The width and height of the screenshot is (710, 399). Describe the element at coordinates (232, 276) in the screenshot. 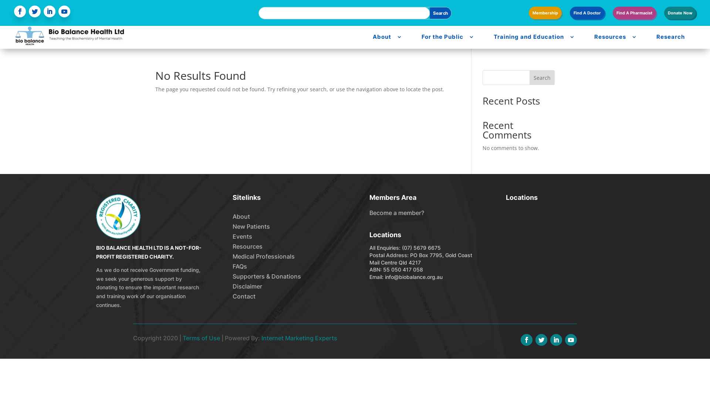

I see `'Supporters & Donations'` at that location.